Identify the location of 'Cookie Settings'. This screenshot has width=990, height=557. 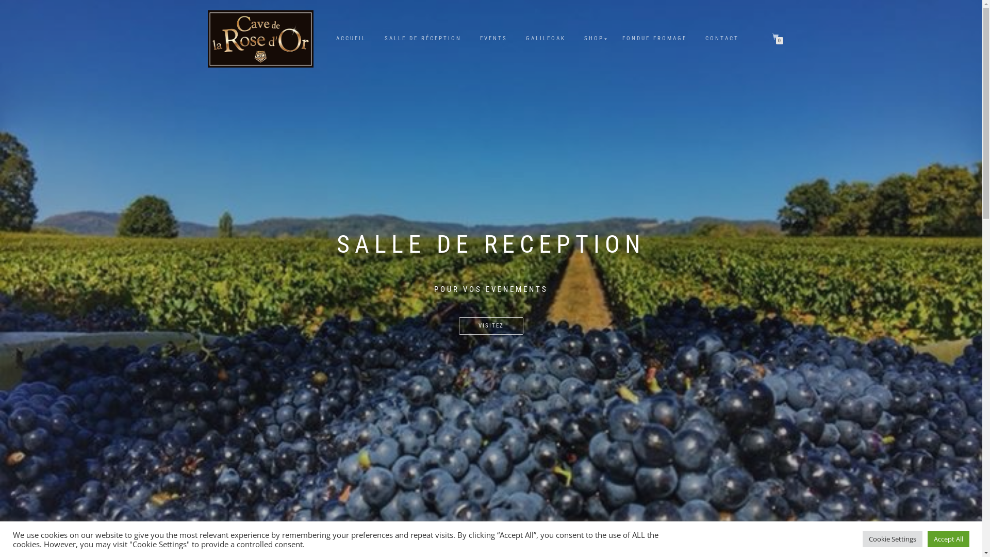
(892, 538).